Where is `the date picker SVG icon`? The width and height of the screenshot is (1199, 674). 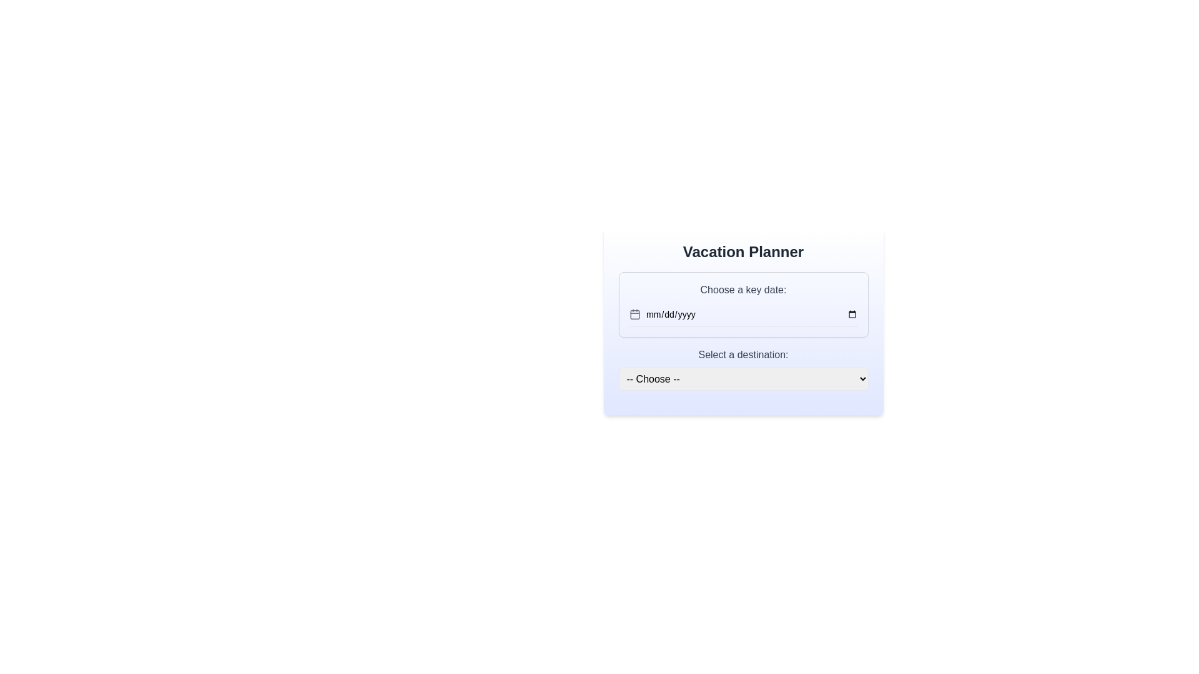
the date picker SVG icon is located at coordinates (634, 314).